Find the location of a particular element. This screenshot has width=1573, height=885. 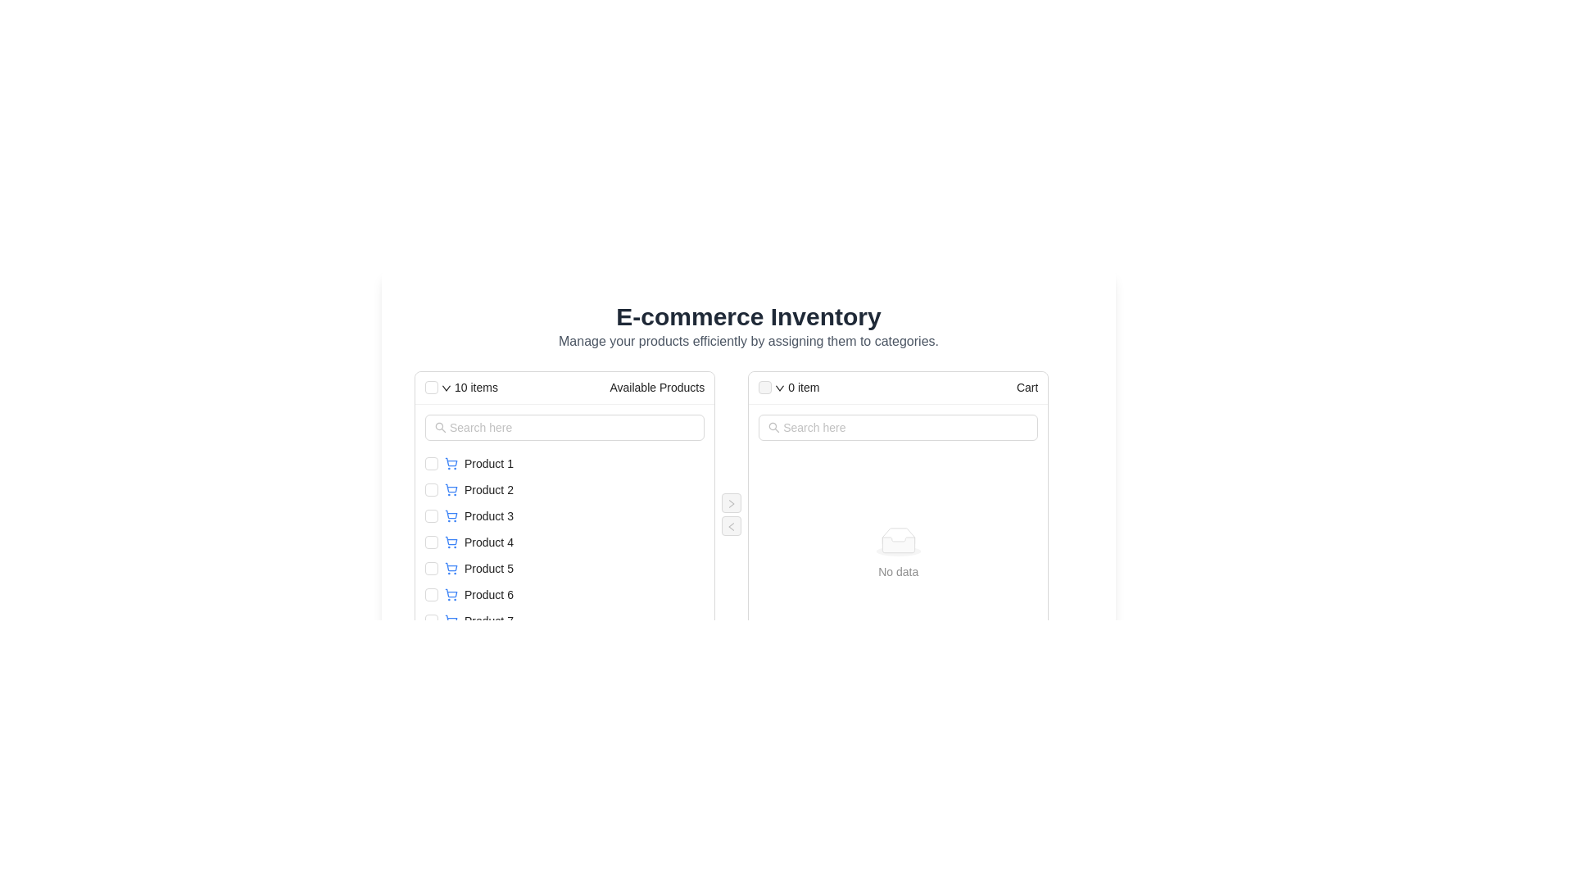

the list item labeled 'Product 6' in the left panel under the 'Available Products' section is located at coordinates (574, 594).